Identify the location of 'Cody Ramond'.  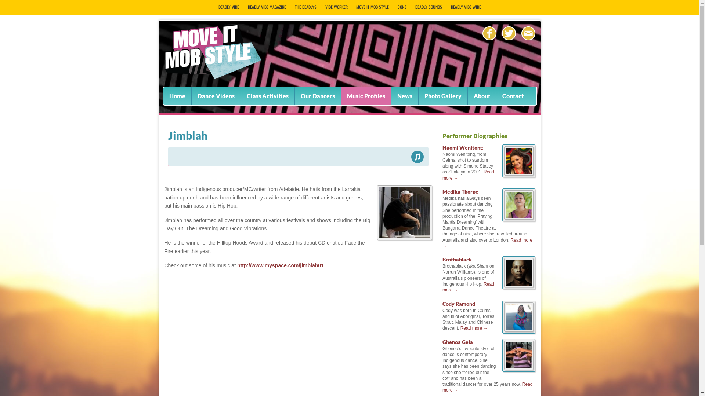
(458, 304).